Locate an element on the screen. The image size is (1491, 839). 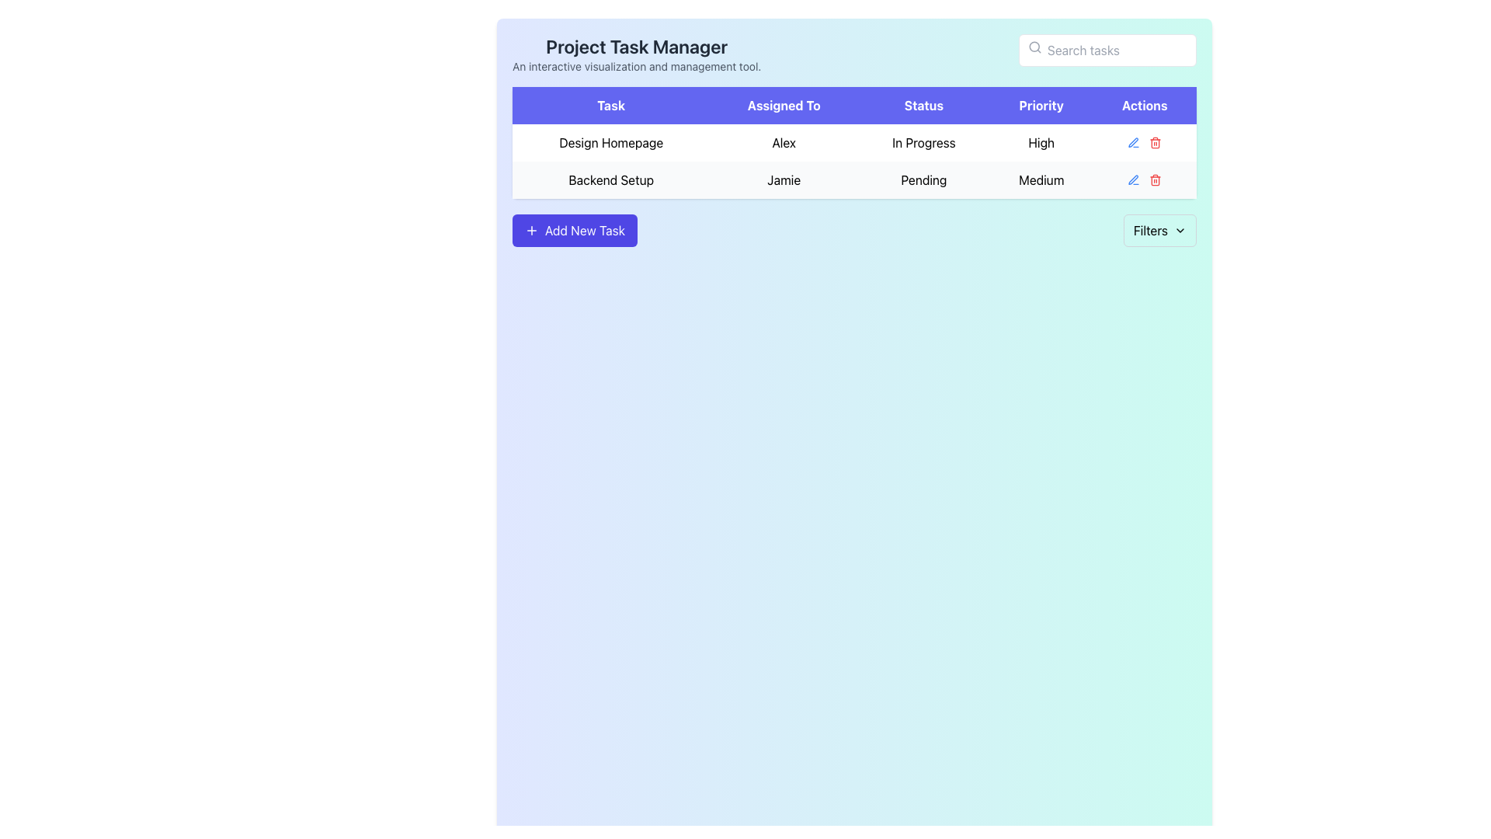
text content of the 'Assigned To' cell displaying the name 'Alex' in the table for the task 'Design Homepage' is located at coordinates (784, 143).